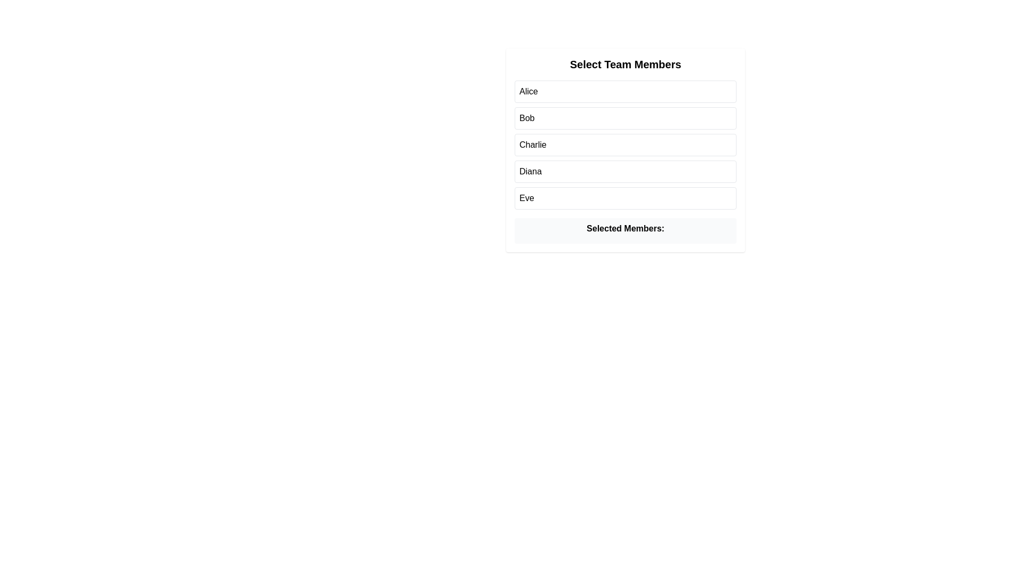 This screenshot has height=576, width=1024. Describe the element at coordinates (625, 150) in the screenshot. I see `the selectable list item representing the user named 'Charlie', which is the third item in the 'Select Team Members' list` at that location.